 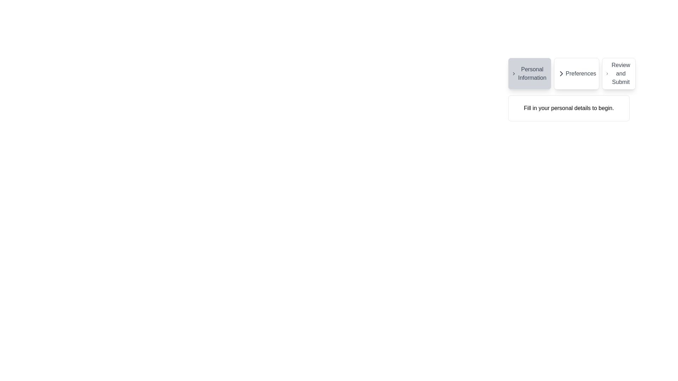 I want to click on the step button labeled 'Personal Information' to navigate to that step, so click(x=529, y=73).